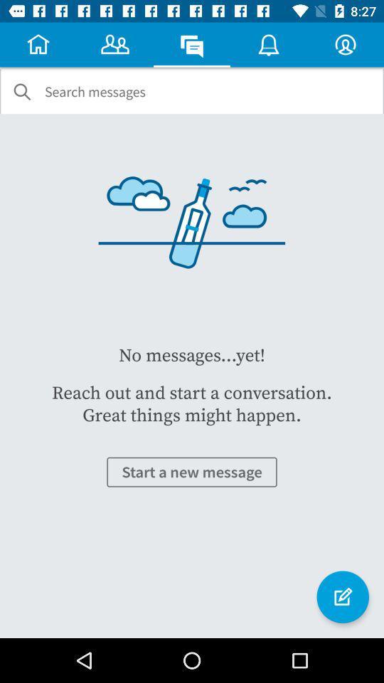  What do you see at coordinates (342, 597) in the screenshot?
I see `the edit icon` at bounding box center [342, 597].